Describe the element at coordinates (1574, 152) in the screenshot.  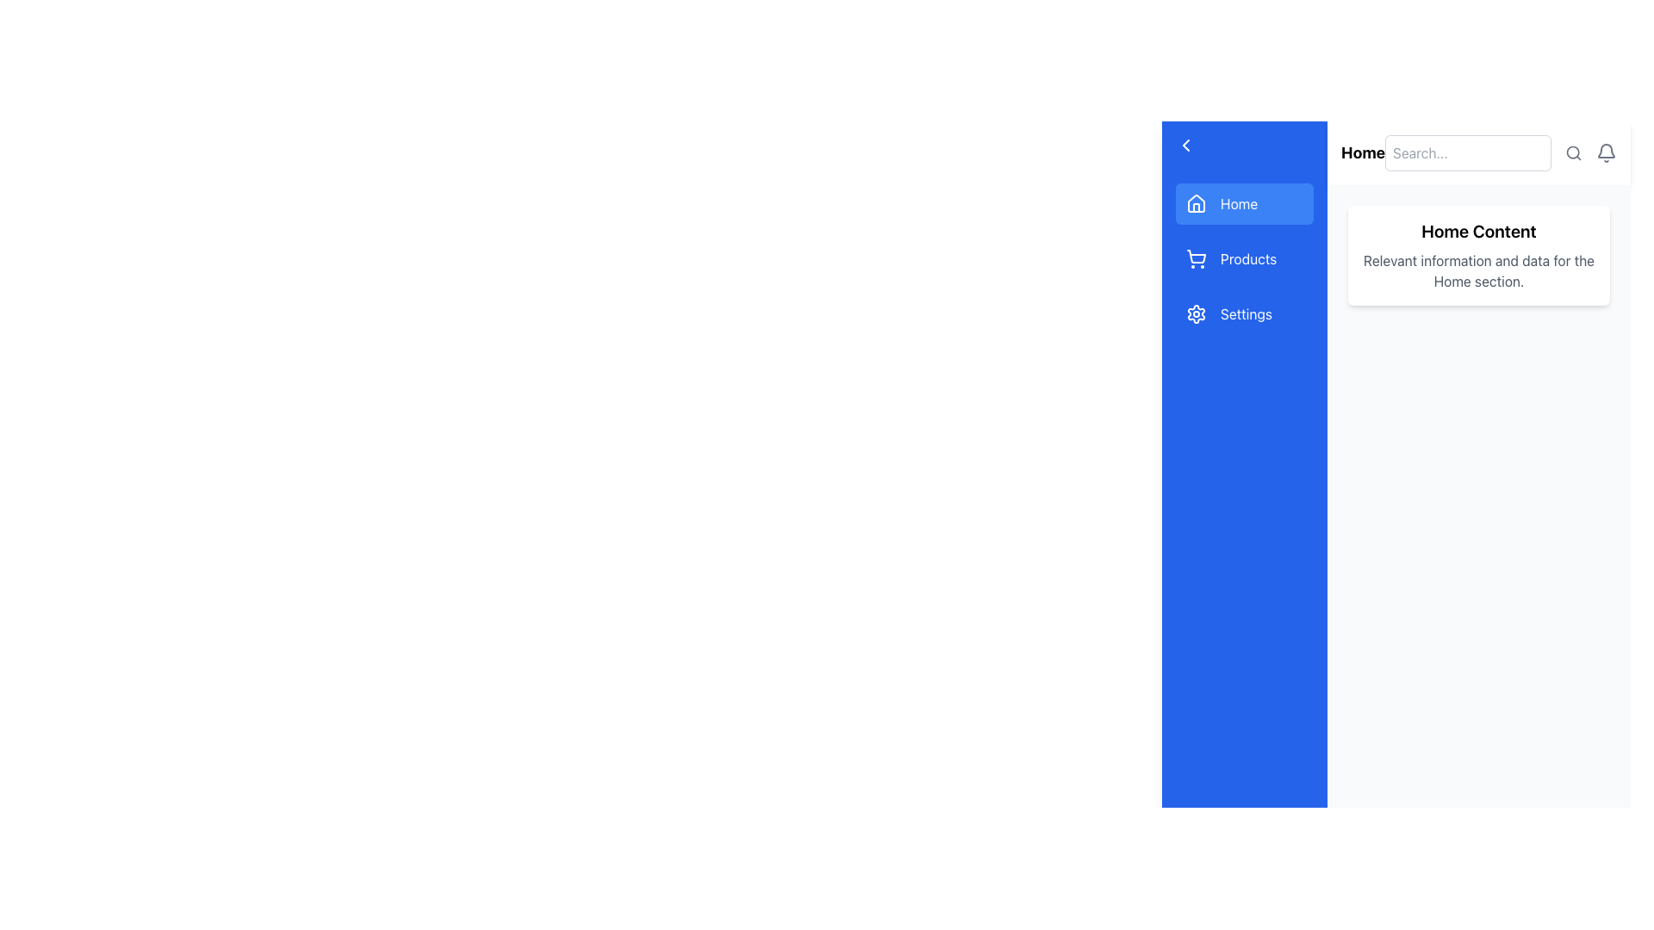
I see `the search icon located to the immediate right of the 'Search...' text input field to initiate a search` at that location.